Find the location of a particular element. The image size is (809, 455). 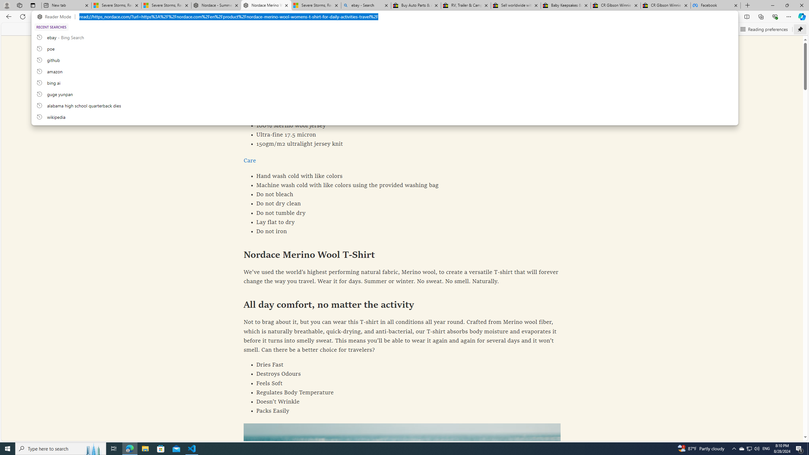

'Unpin toolbar' is located at coordinates (800, 29).